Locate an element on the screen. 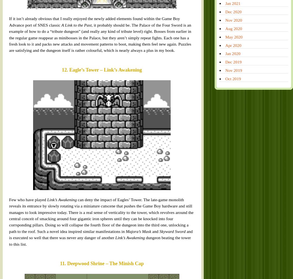 The image size is (293, 279). 'Aug 2014' is located at coordinates (187, 260).